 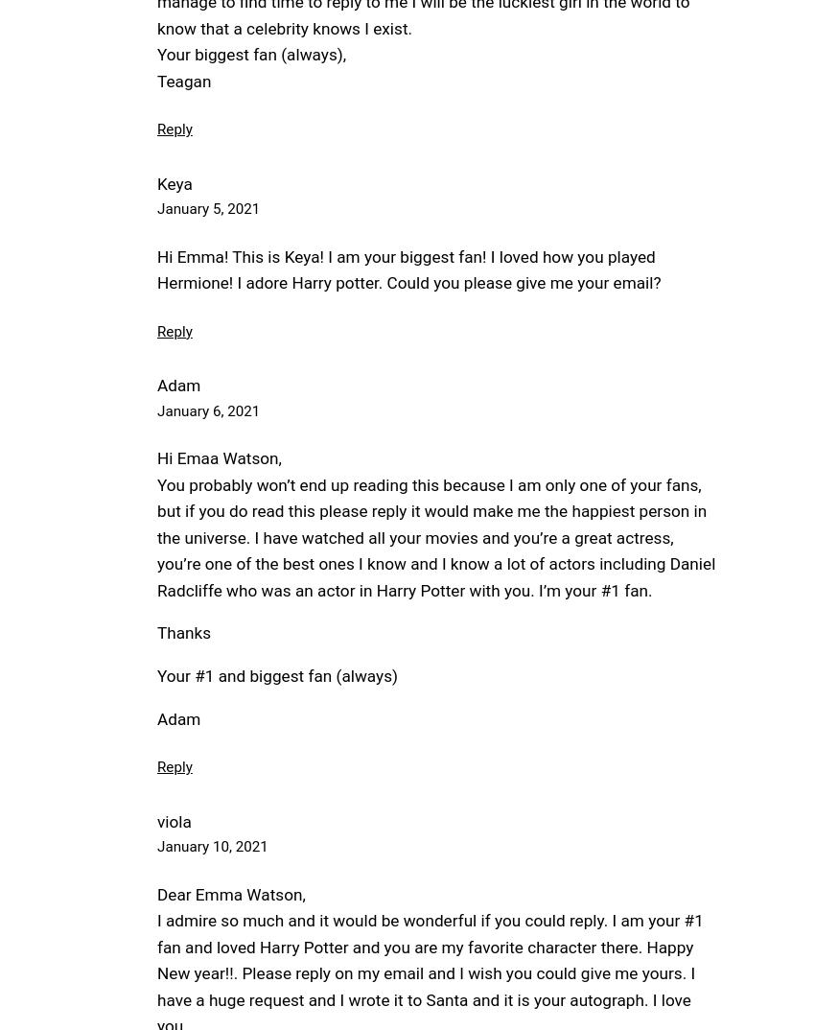 What do you see at coordinates (173, 182) in the screenshot?
I see `'Keya'` at bounding box center [173, 182].